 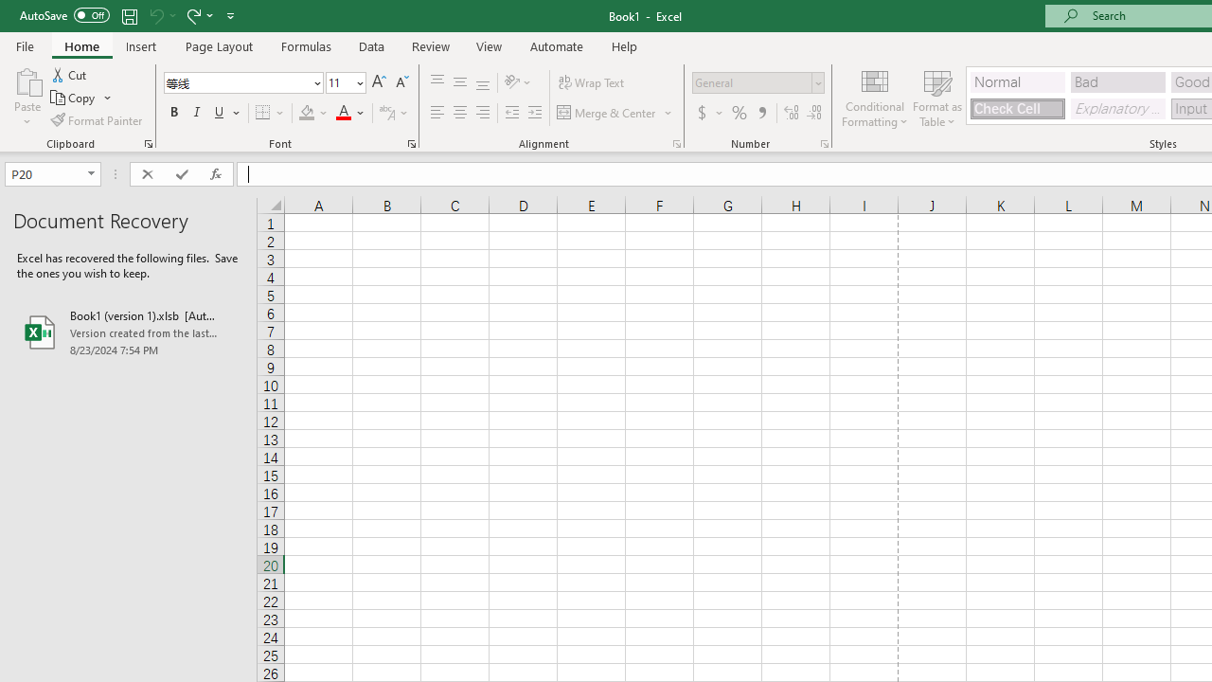 I want to click on 'Copy', so click(x=80, y=98).